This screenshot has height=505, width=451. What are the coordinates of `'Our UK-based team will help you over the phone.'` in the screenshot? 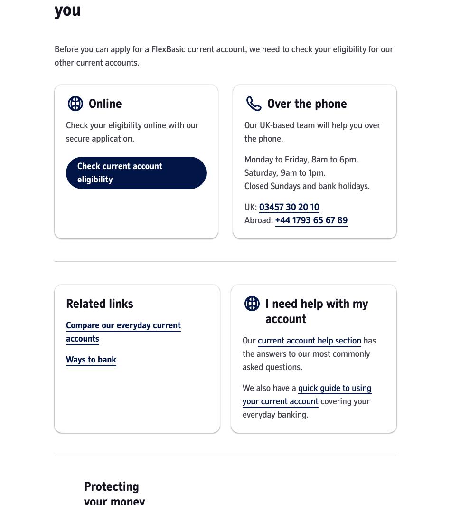 It's located at (312, 132).